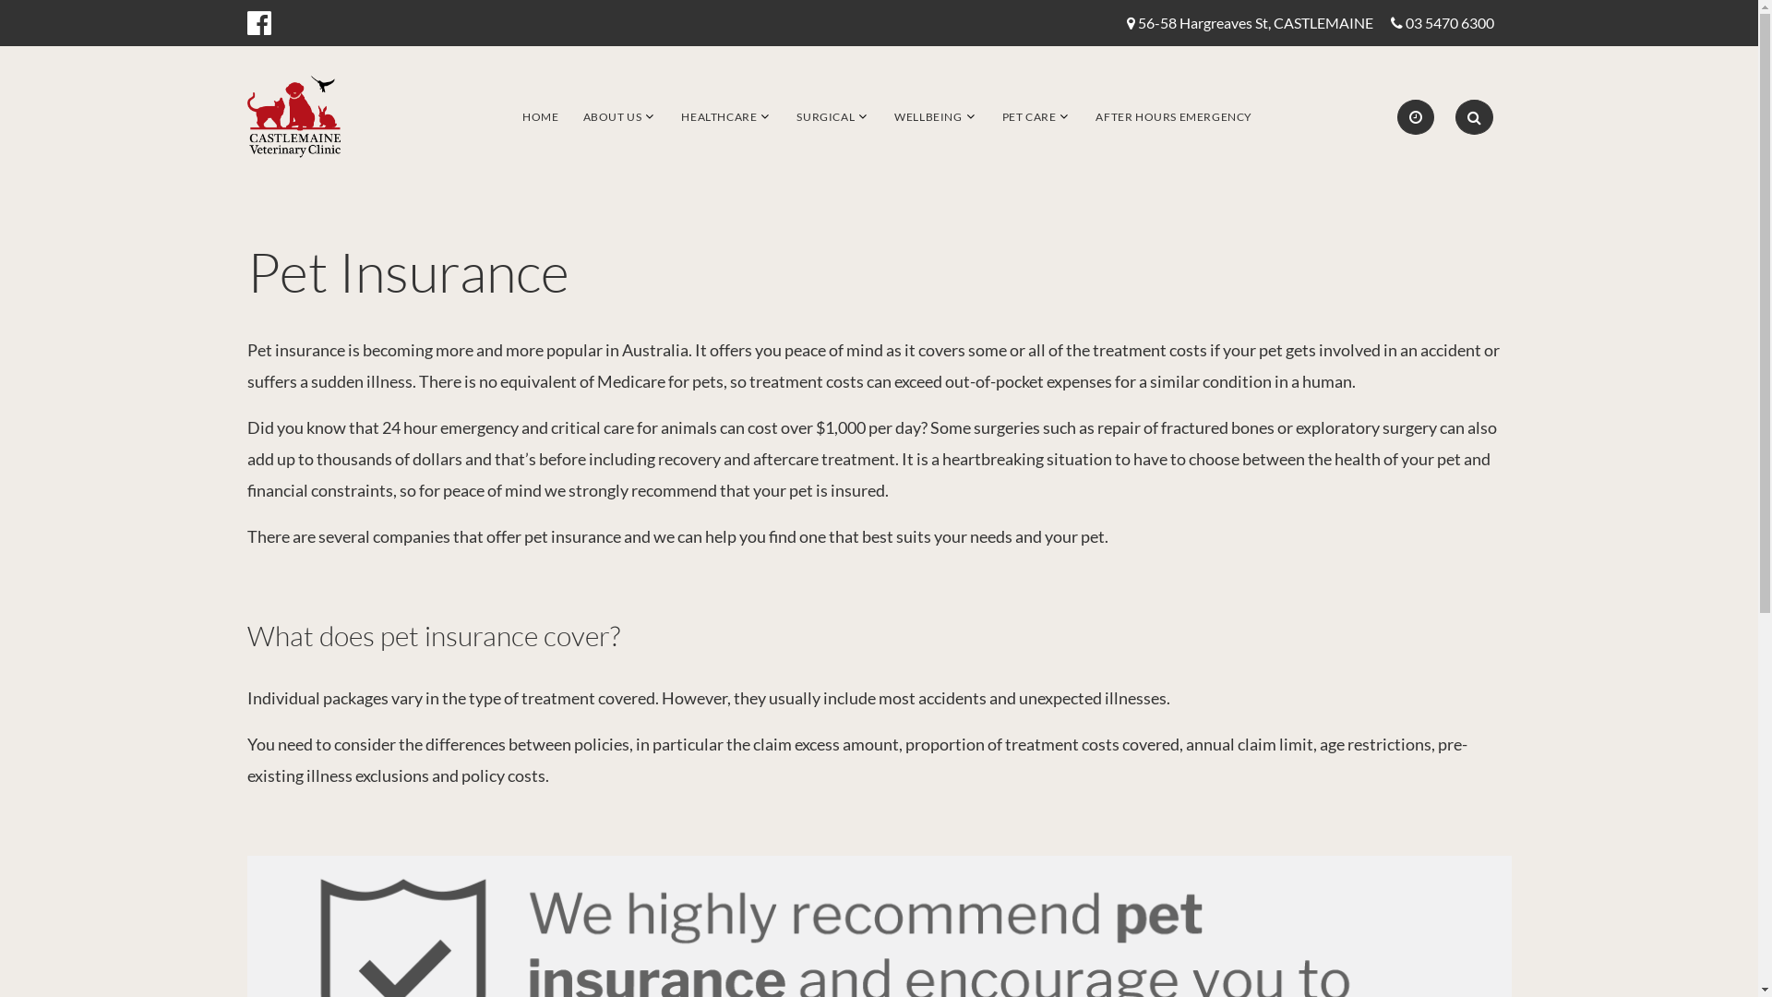 This screenshot has width=1772, height=997. I want to click on '03 5470 6300', so click(1447, 23).